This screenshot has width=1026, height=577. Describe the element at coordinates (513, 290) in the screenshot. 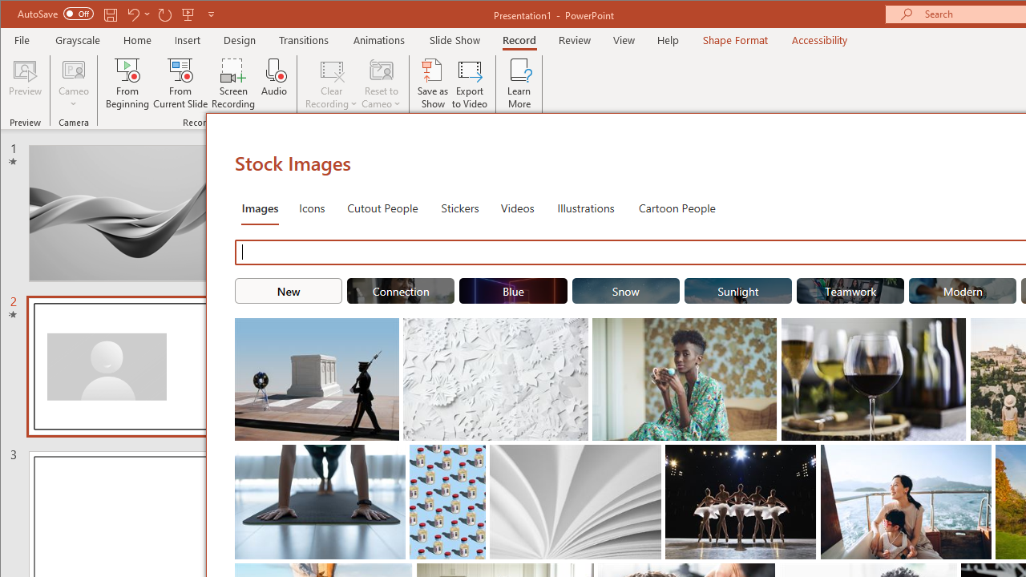

I see `'"Blue" Stock Images.'` at that location.